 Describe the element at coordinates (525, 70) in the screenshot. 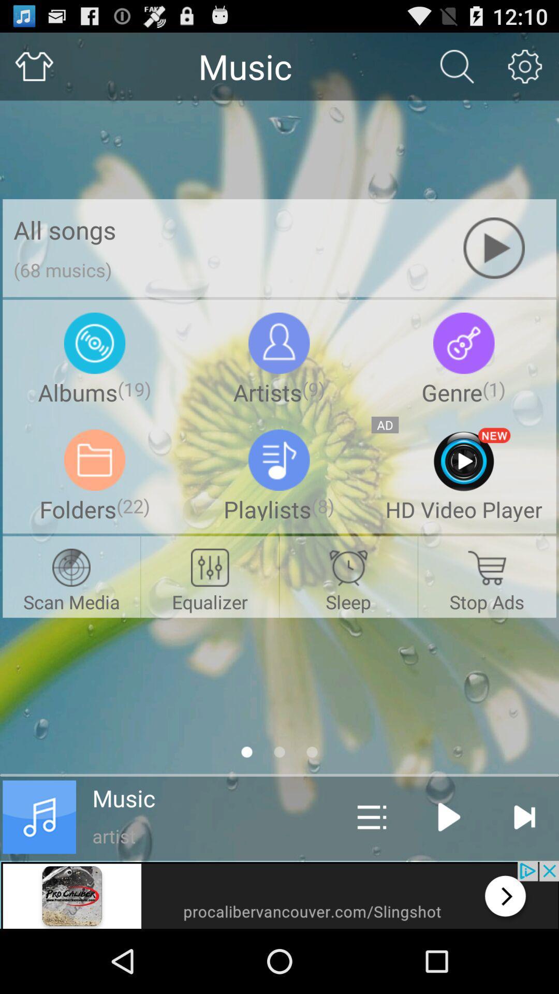

I see `the settings icon` at that location.